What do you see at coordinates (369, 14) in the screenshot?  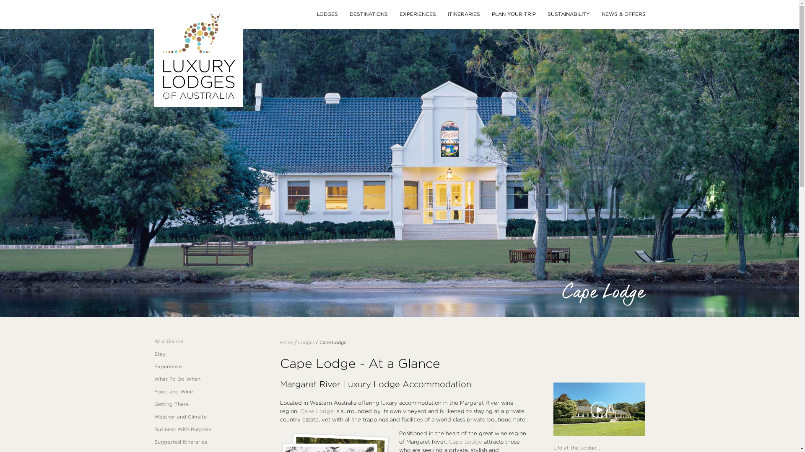 I see `'DESTINATIONS'` at bounding box center [369, 14].